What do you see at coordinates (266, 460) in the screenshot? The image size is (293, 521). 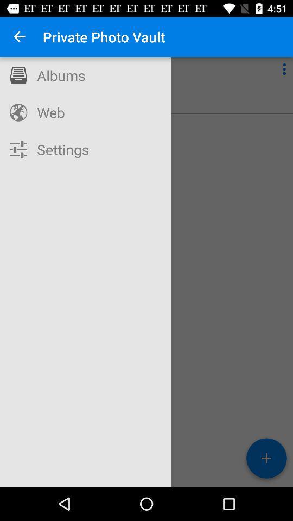 I see `the add icon` at bounding box center [266, 460].